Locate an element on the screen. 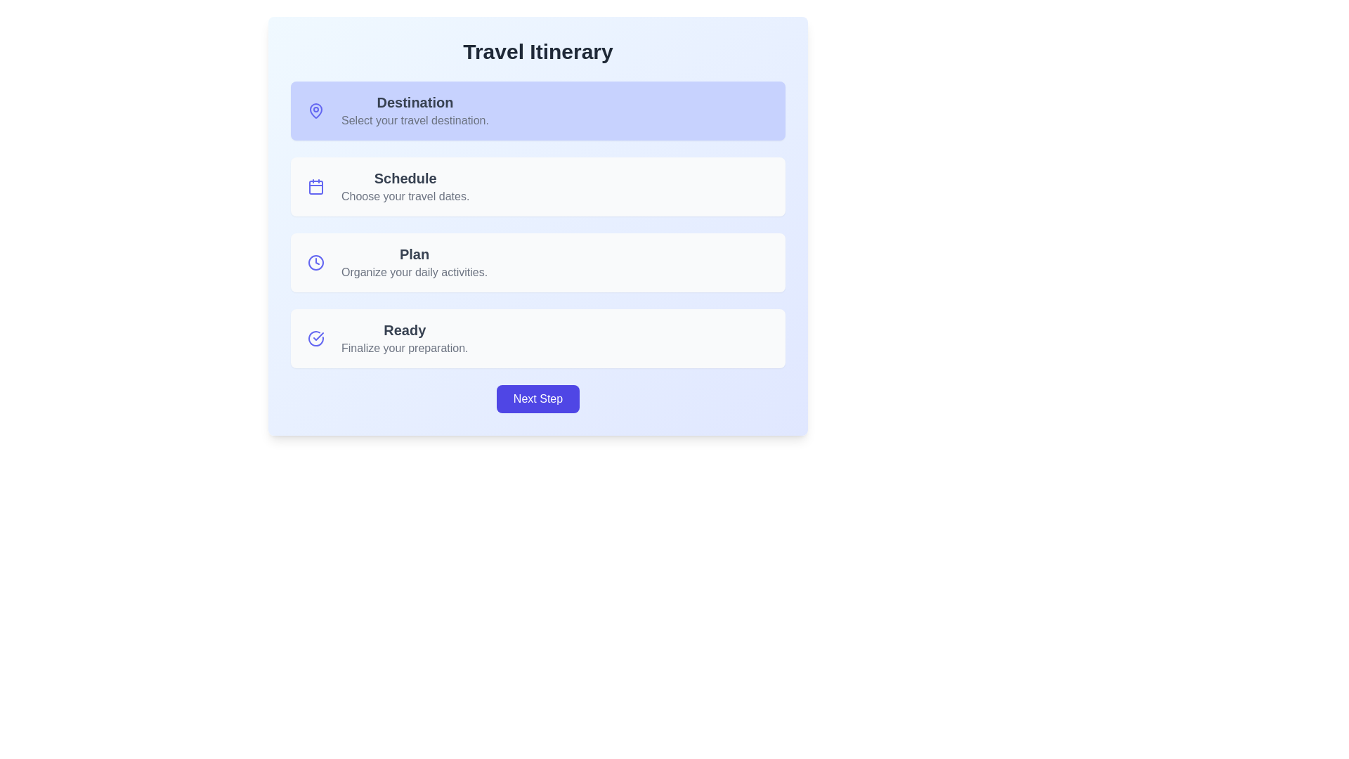  the clickable section under 'Travel Itinerary' is located at coordinates (537, 186).